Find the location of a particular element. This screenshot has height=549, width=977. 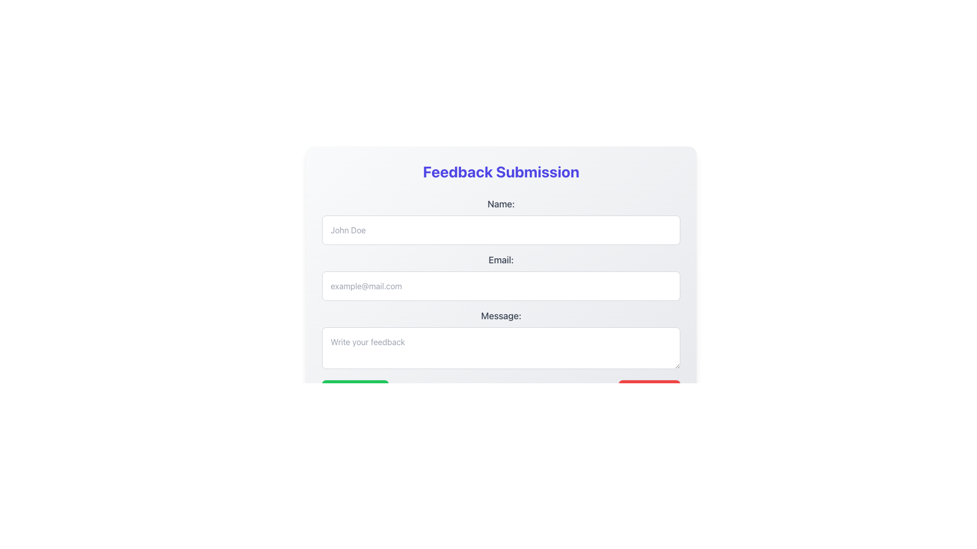

the static label indicating the purpose of the email input field, located between the 'Name:' field and 'Message:' field is located at coordinates (501, 260).